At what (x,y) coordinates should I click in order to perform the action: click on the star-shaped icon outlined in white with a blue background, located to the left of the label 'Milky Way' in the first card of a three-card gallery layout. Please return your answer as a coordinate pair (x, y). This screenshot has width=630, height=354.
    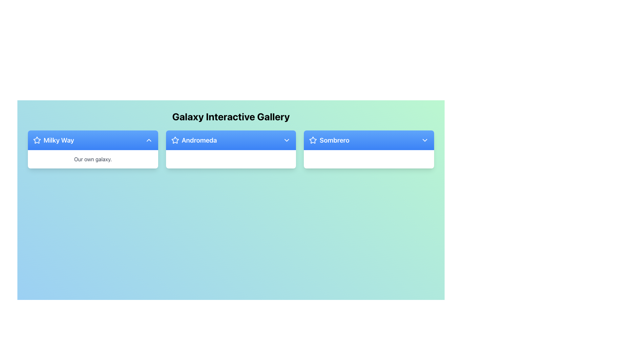
    Looking at the image, I should click on (37, 140).